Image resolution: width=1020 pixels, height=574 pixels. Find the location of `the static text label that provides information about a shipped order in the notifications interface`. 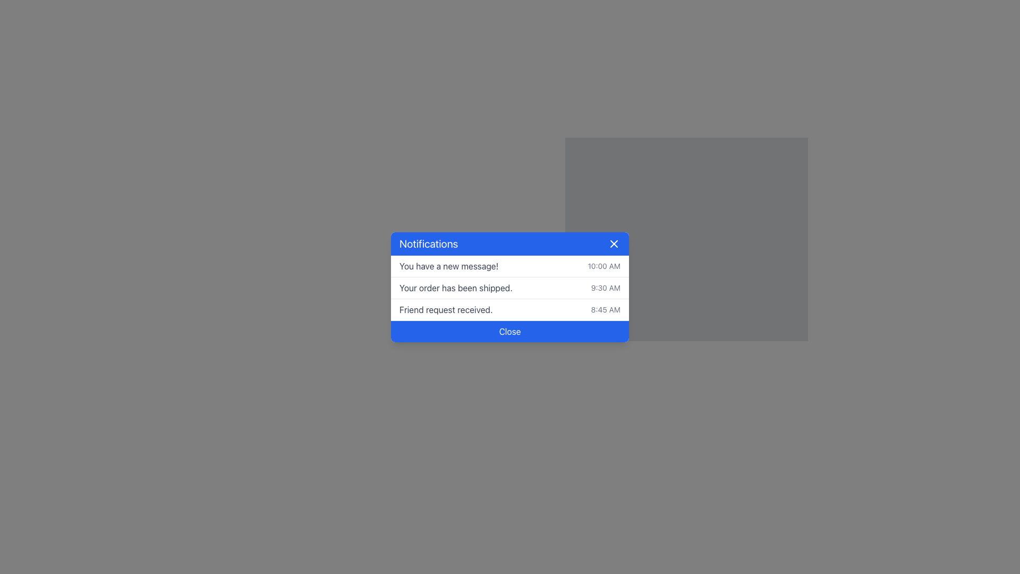

the static text label that provides information about a shipped order in the notifications interface is located at coordinates (456, 288).